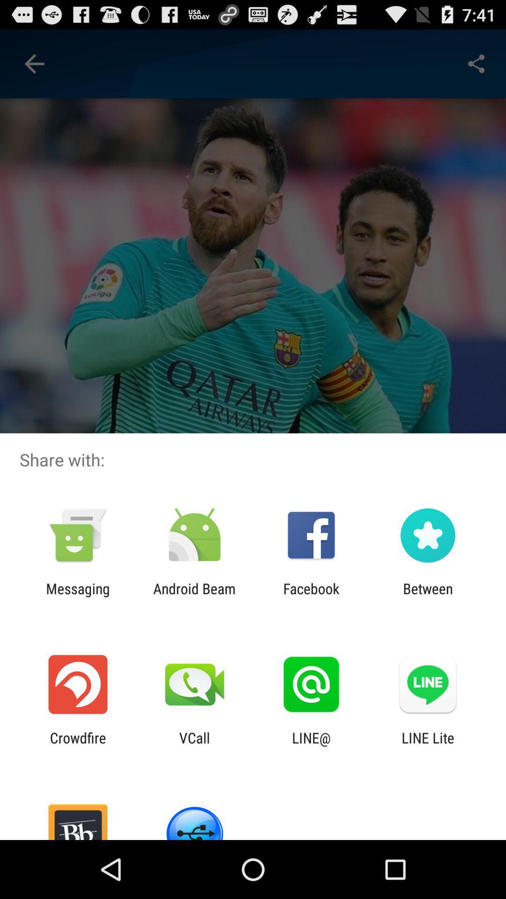  I want to click on the vcall item, so click(194, 745).